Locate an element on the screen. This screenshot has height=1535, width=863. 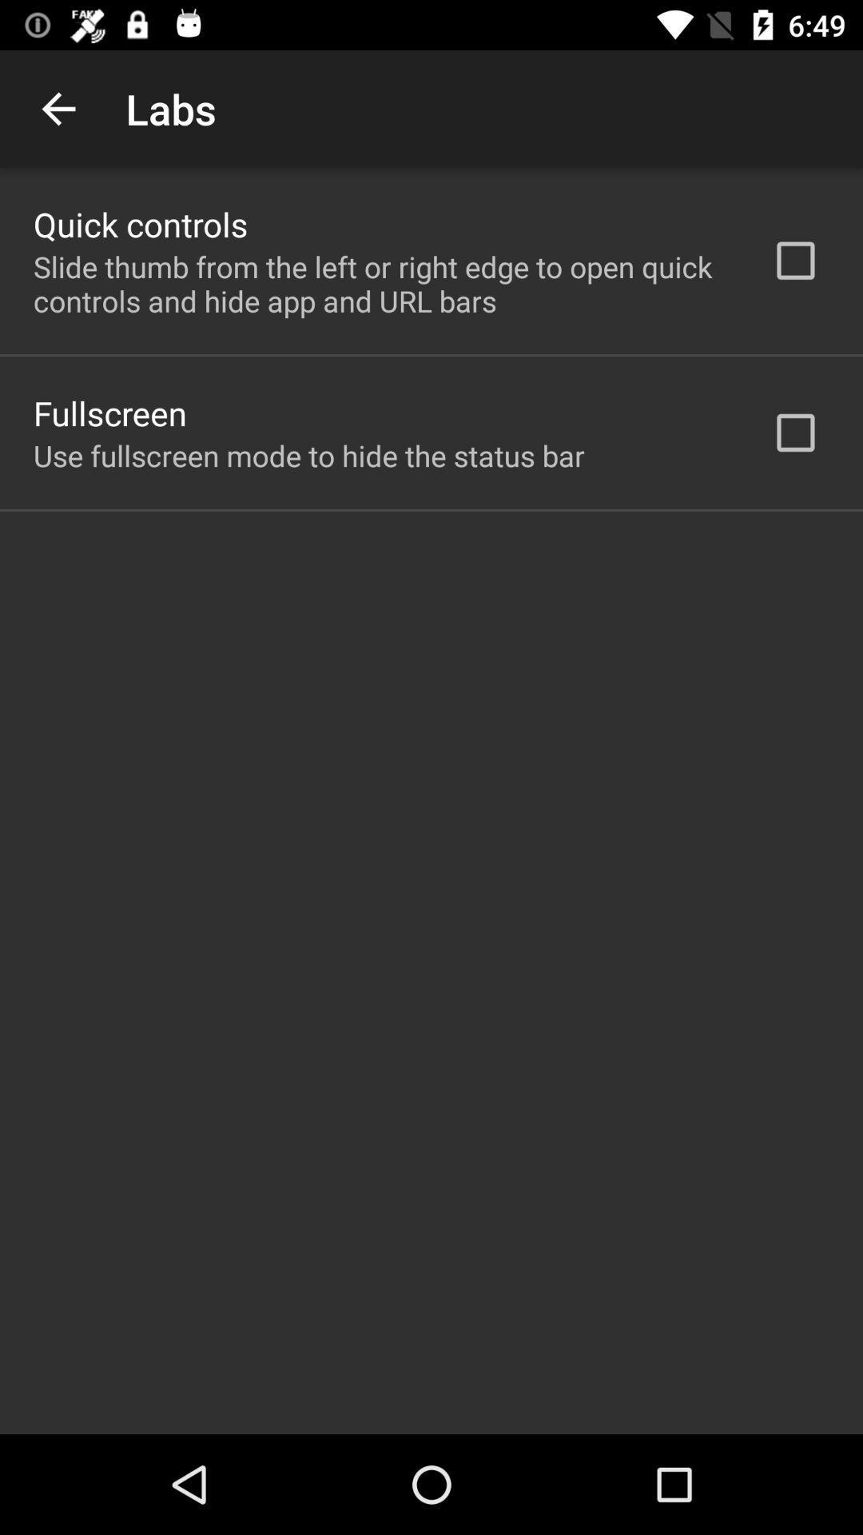
the slide thumb from icon is located at coordinates (381, 284).